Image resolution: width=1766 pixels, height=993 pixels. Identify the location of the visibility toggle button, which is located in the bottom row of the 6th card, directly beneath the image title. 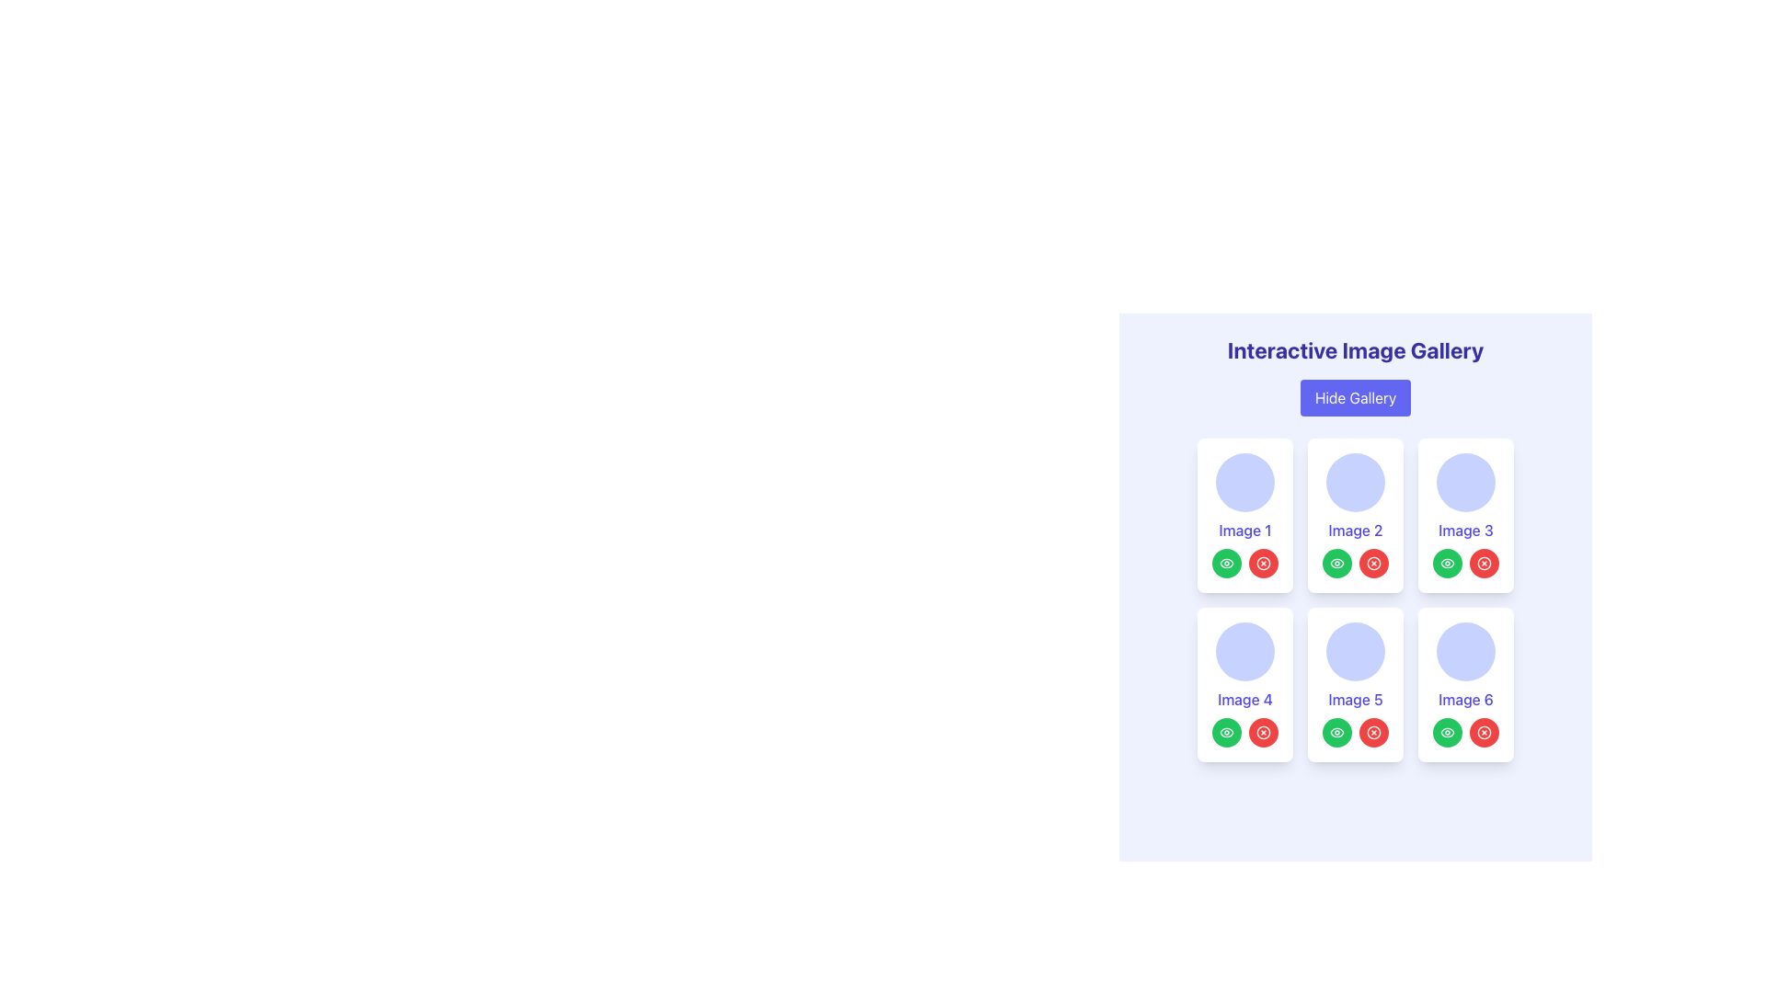
(1447, 732).